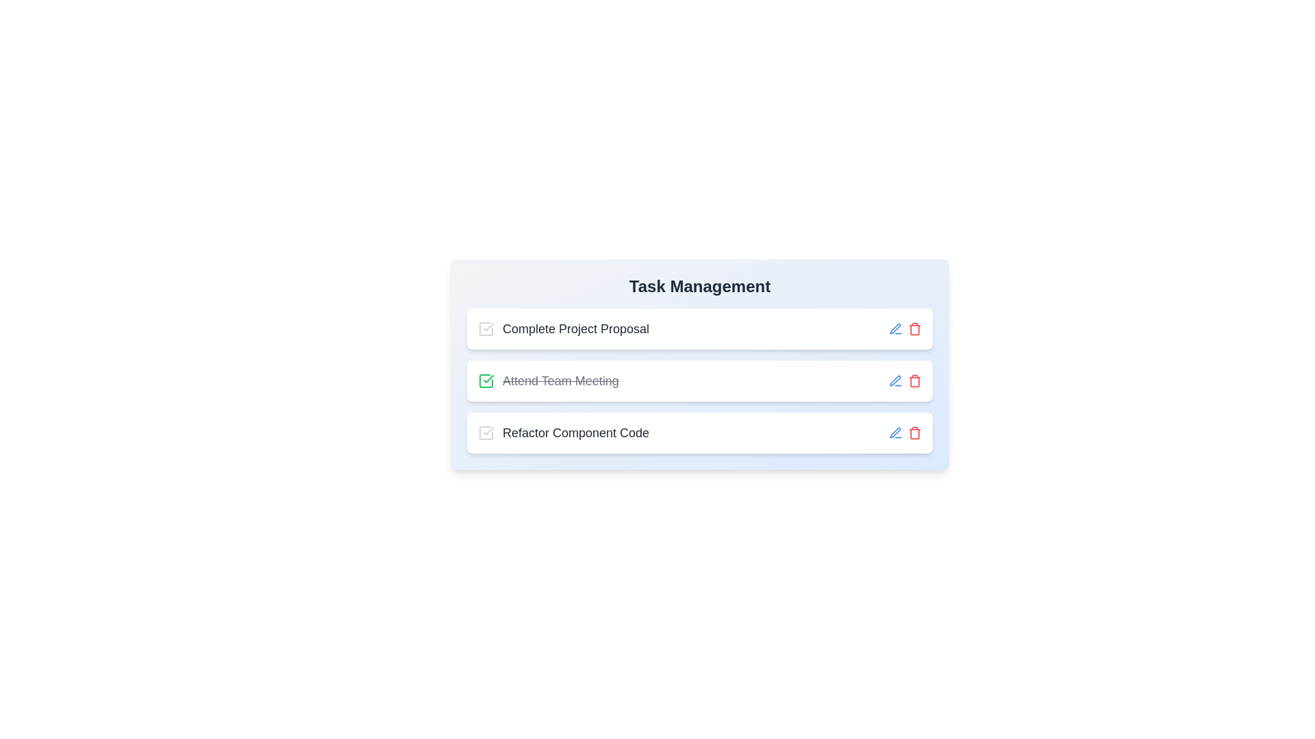 The height and width of the screenshot is (739, 1315). Describe the element at coordinates (914, 380) in the screenshot. I see `the Delete Button (Icon) located in the horizontal group of icons to the far right of the row labeled 'Attend Team Meeting'` at that location.